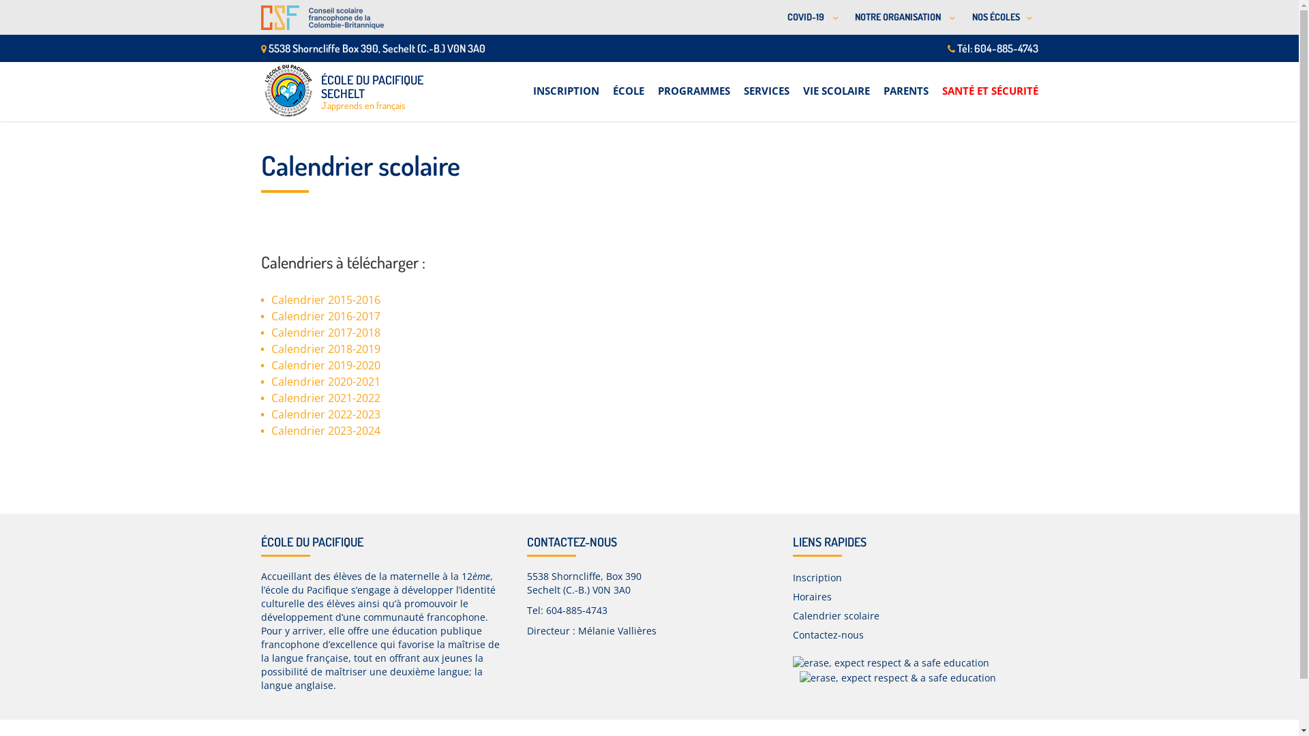 The height and width of the screenshot is (736, 1309). What do you see at coordinates (903, 17) in the screenshot?
I see `'NOTRE ORGANISATION '` at bounding box center [903, 17].